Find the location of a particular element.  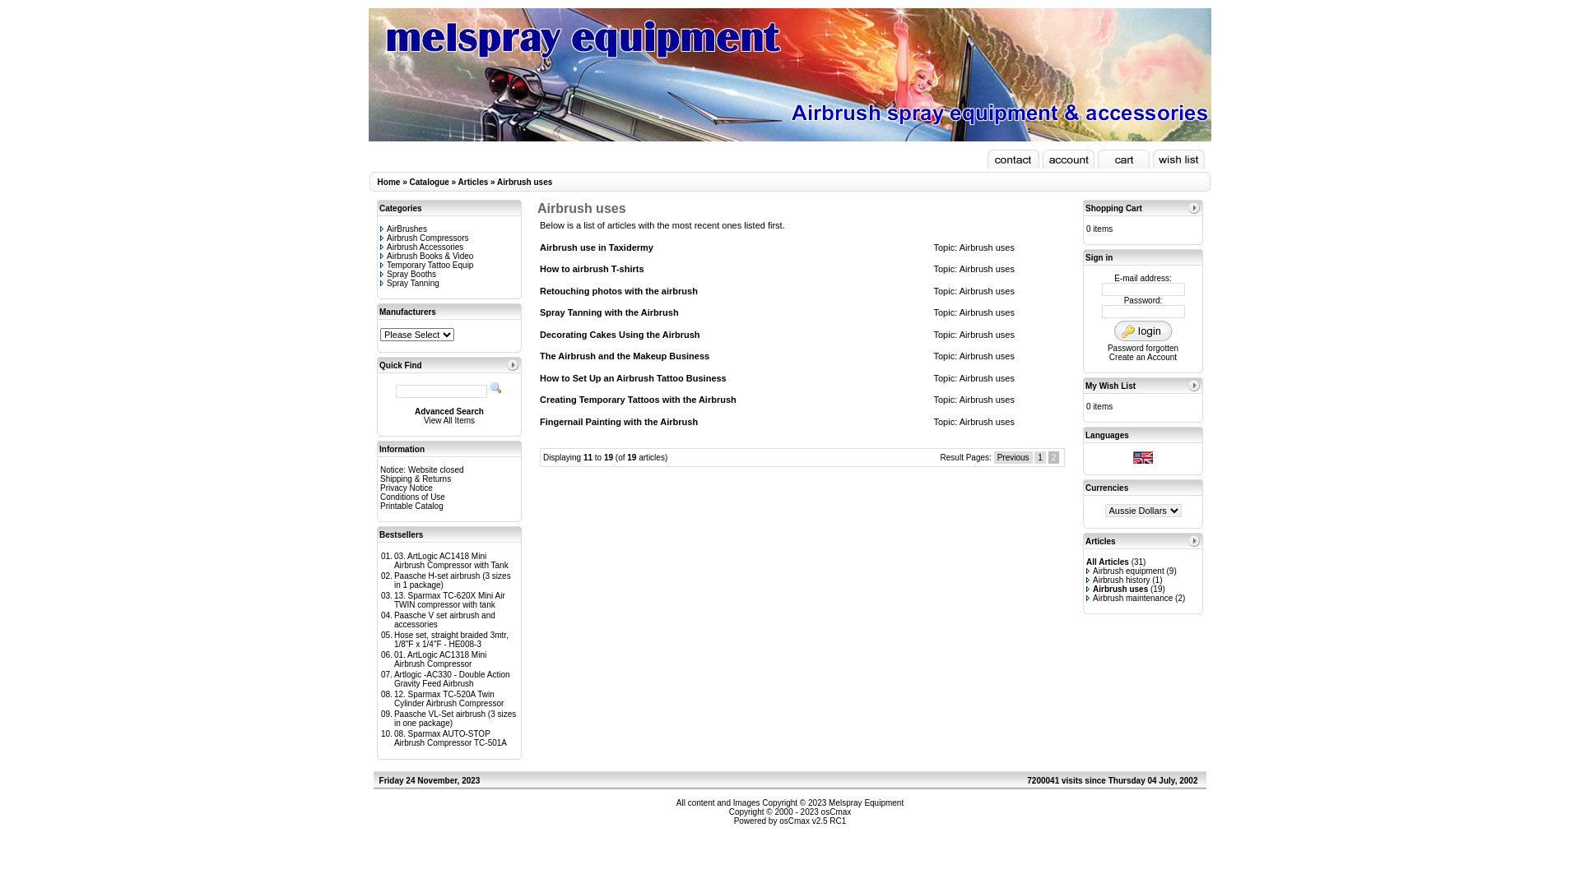

'01. ArtLogic AC1318 Mini Airbrush Compressor' is located at coordinates (439, 659).